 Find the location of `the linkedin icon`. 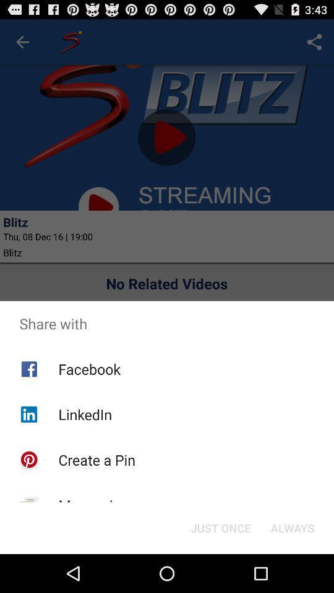

the linkedin icon is located at coordinates (84, 414).